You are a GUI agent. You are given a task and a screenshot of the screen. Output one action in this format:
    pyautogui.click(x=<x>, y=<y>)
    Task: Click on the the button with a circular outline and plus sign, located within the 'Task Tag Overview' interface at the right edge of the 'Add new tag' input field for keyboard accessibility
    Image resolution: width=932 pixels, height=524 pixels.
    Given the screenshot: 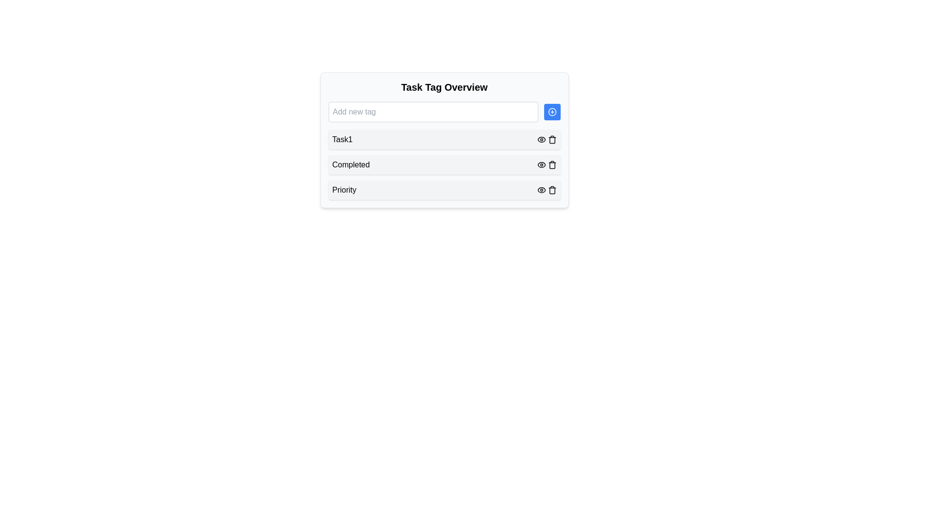 What is the action you would take?
    pyautogui.click(x=552, y=112)
    